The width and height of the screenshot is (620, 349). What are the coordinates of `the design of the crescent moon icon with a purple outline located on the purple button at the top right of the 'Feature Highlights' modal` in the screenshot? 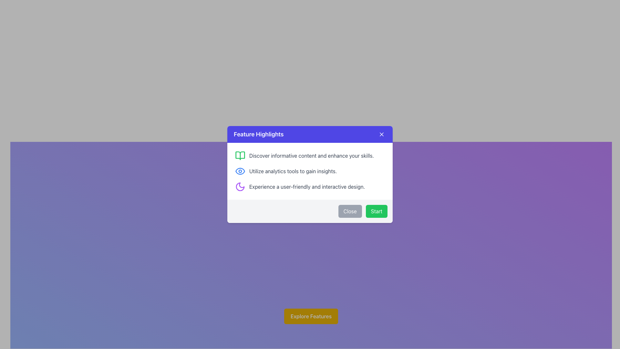 It's located at (240, 187).